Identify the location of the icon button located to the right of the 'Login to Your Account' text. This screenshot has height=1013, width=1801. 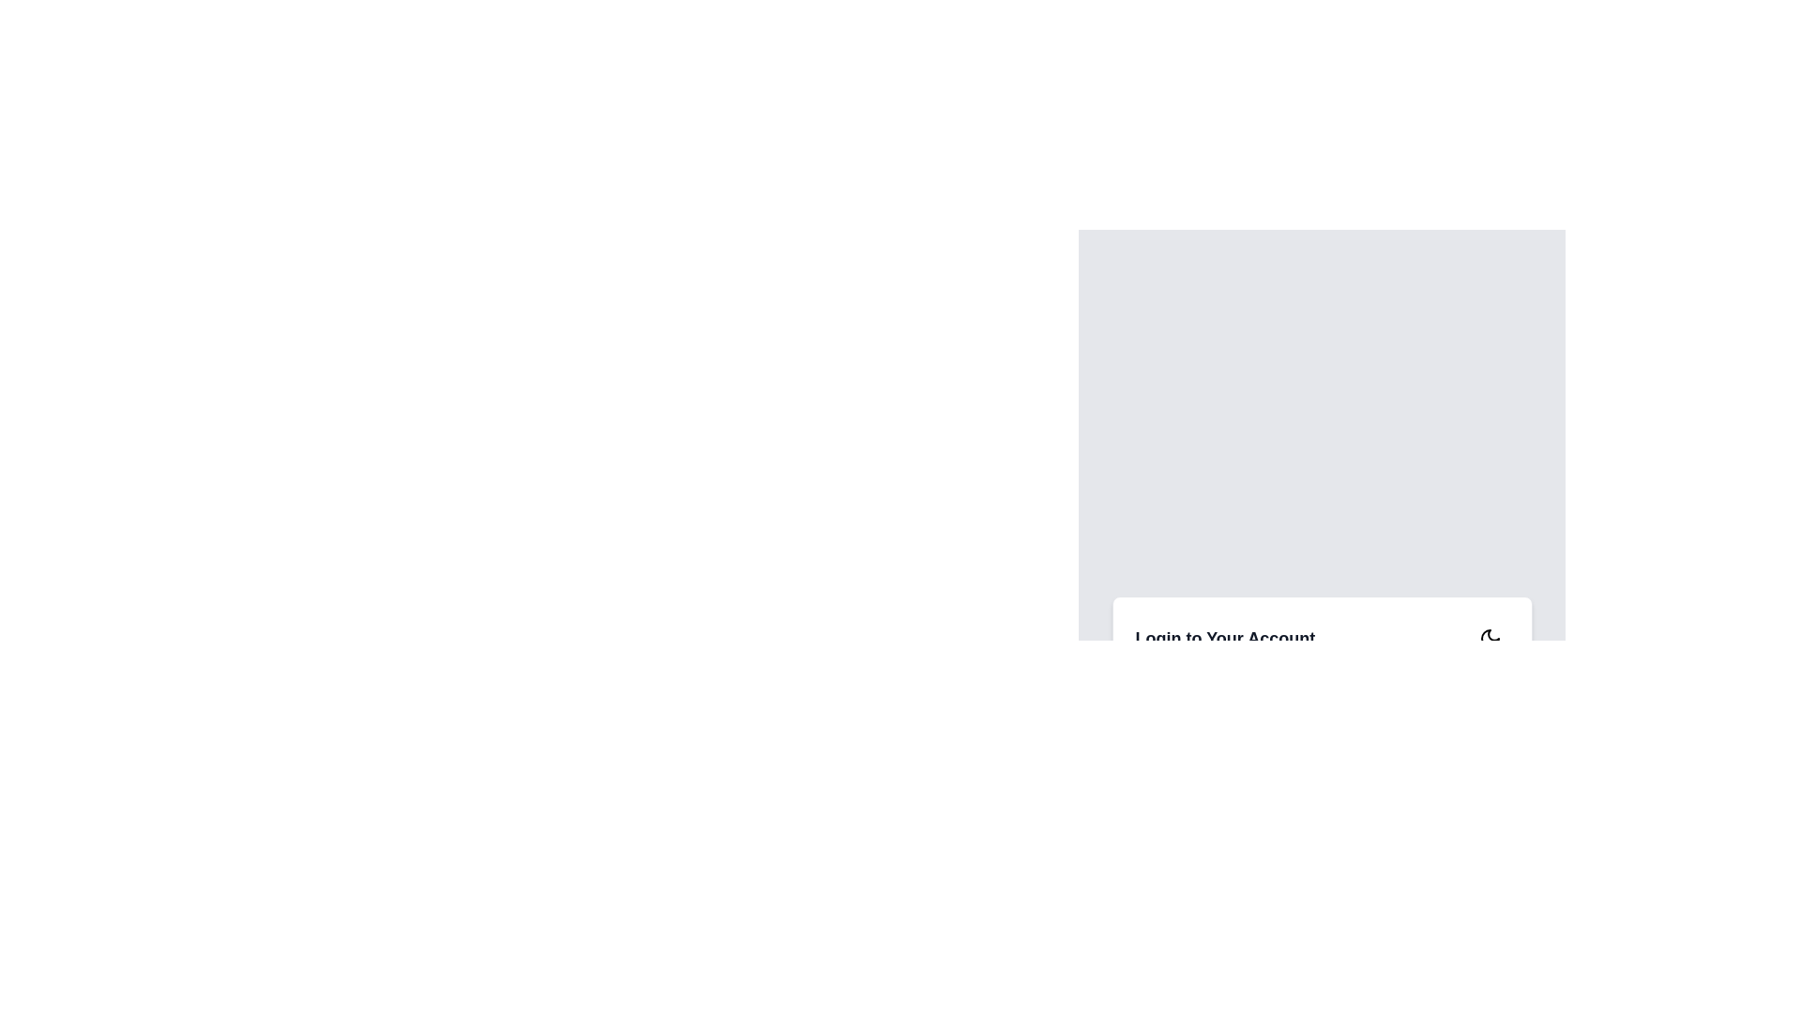
(1489, 638).